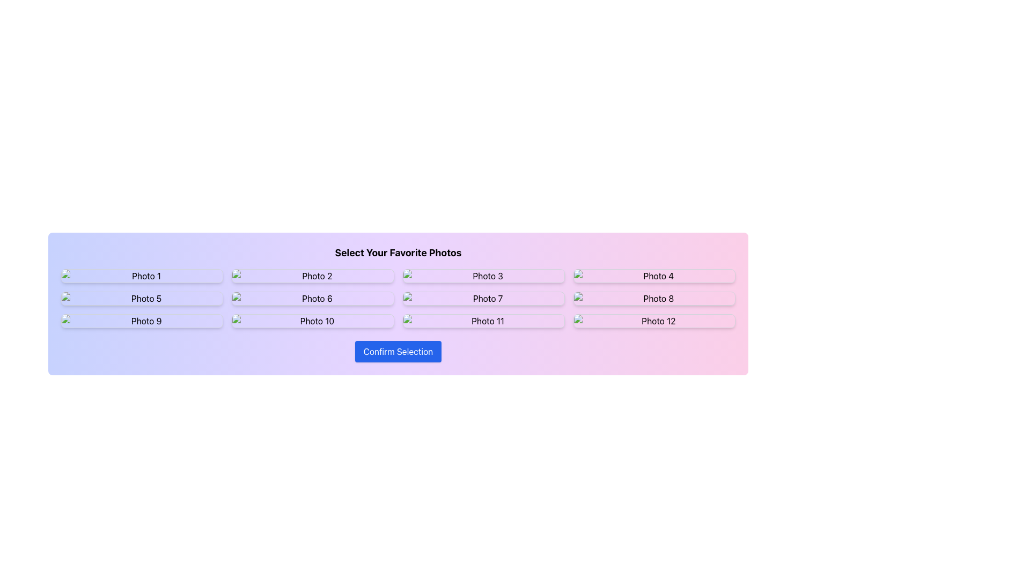  Describe the element at coordinates (142, 276) in the screenshot. I see `the image displaying 'Photo 1'` at that location.